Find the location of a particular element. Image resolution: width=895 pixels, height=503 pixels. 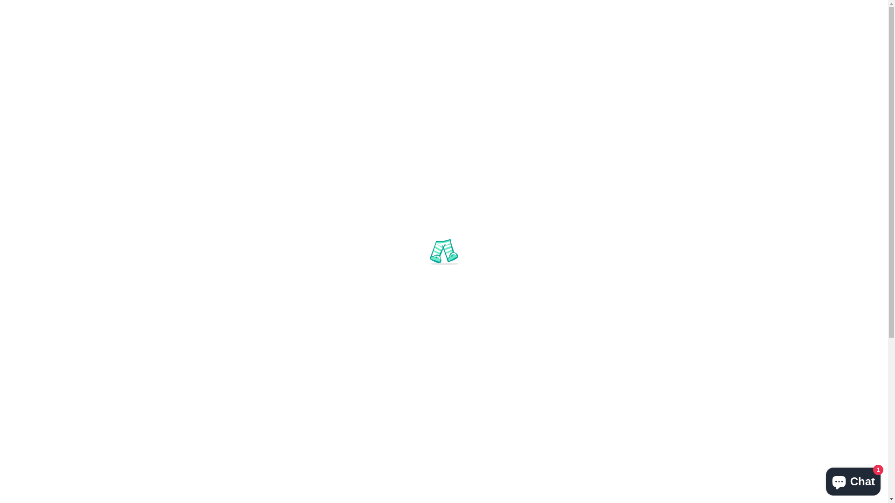

'CHECKOUT' is located at coordinates (839, 9).